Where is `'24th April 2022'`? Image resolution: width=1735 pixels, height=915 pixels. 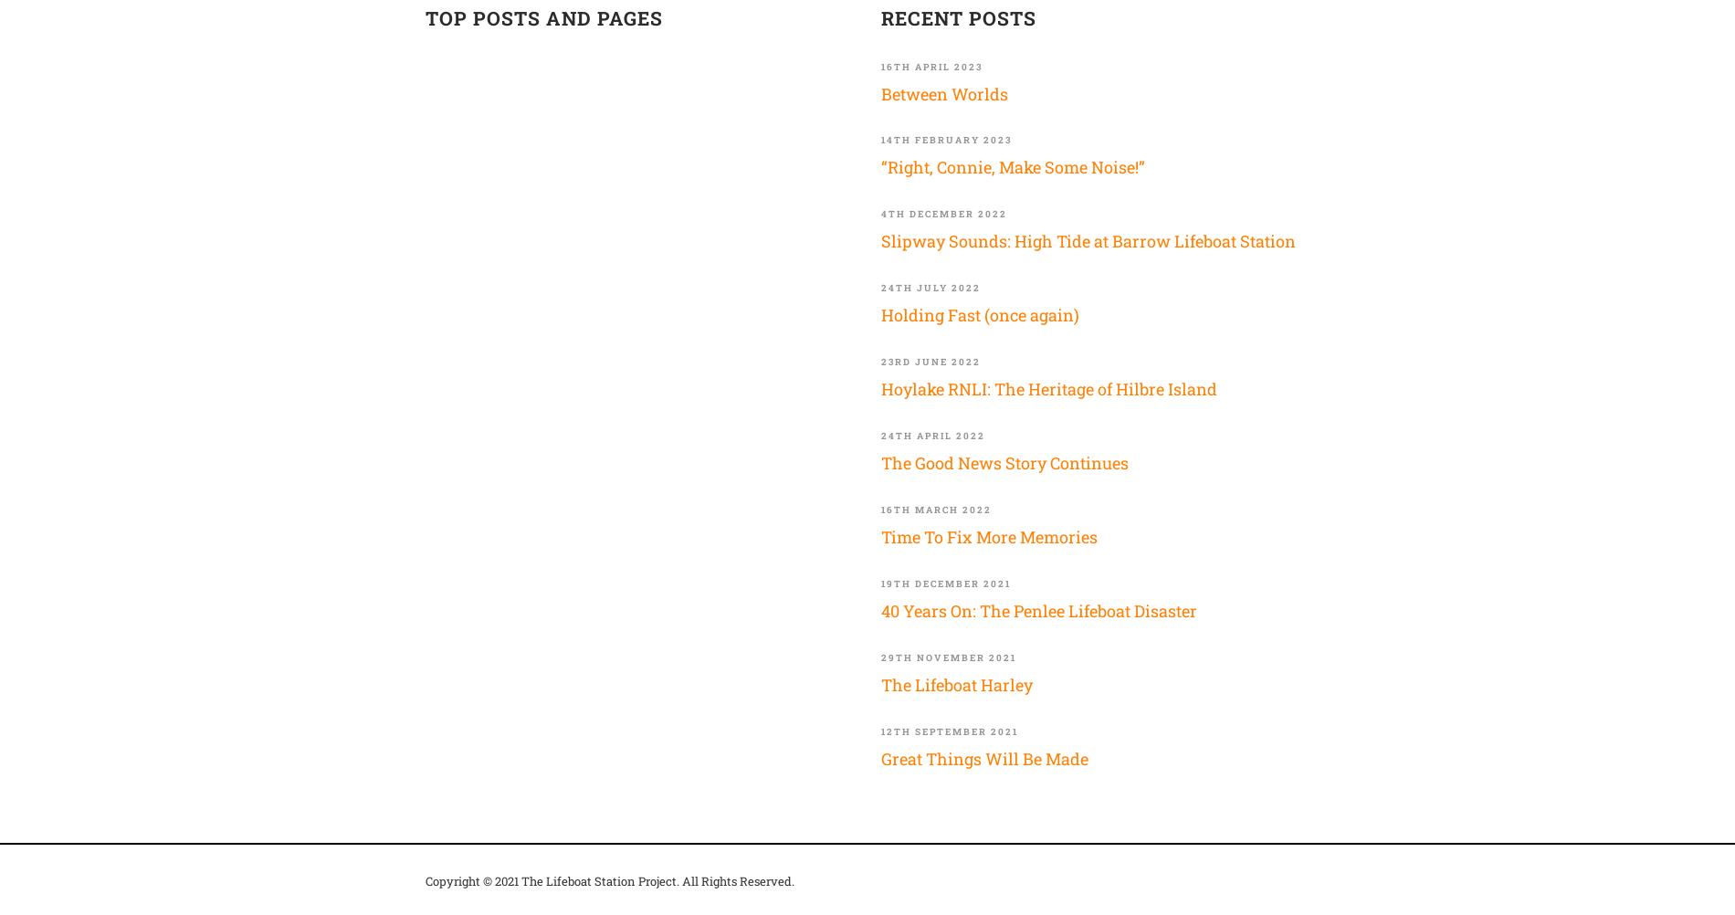 '24th April 2022' is located at coordinates (933, 435).